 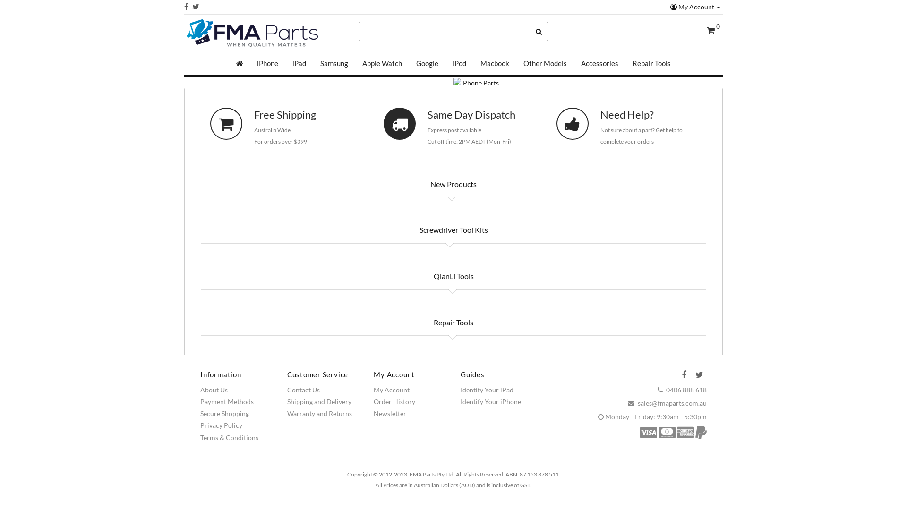 I want to click on 'Repair Tools', so click(x=426, y=322).